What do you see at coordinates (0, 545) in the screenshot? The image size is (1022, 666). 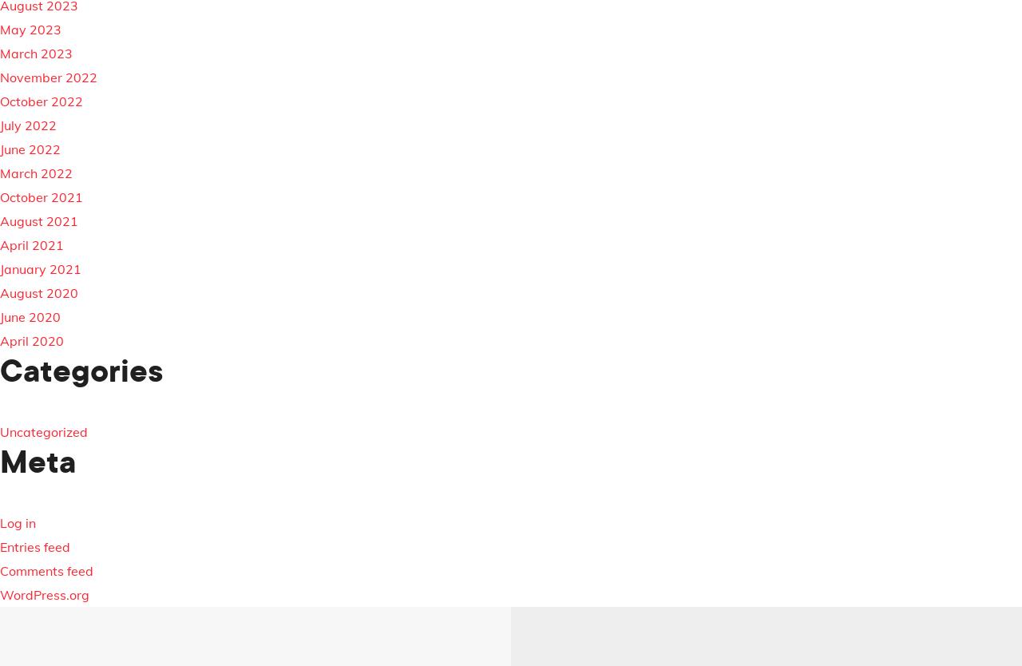 I see `'Entries feed'` at bounding box center [0, 545].